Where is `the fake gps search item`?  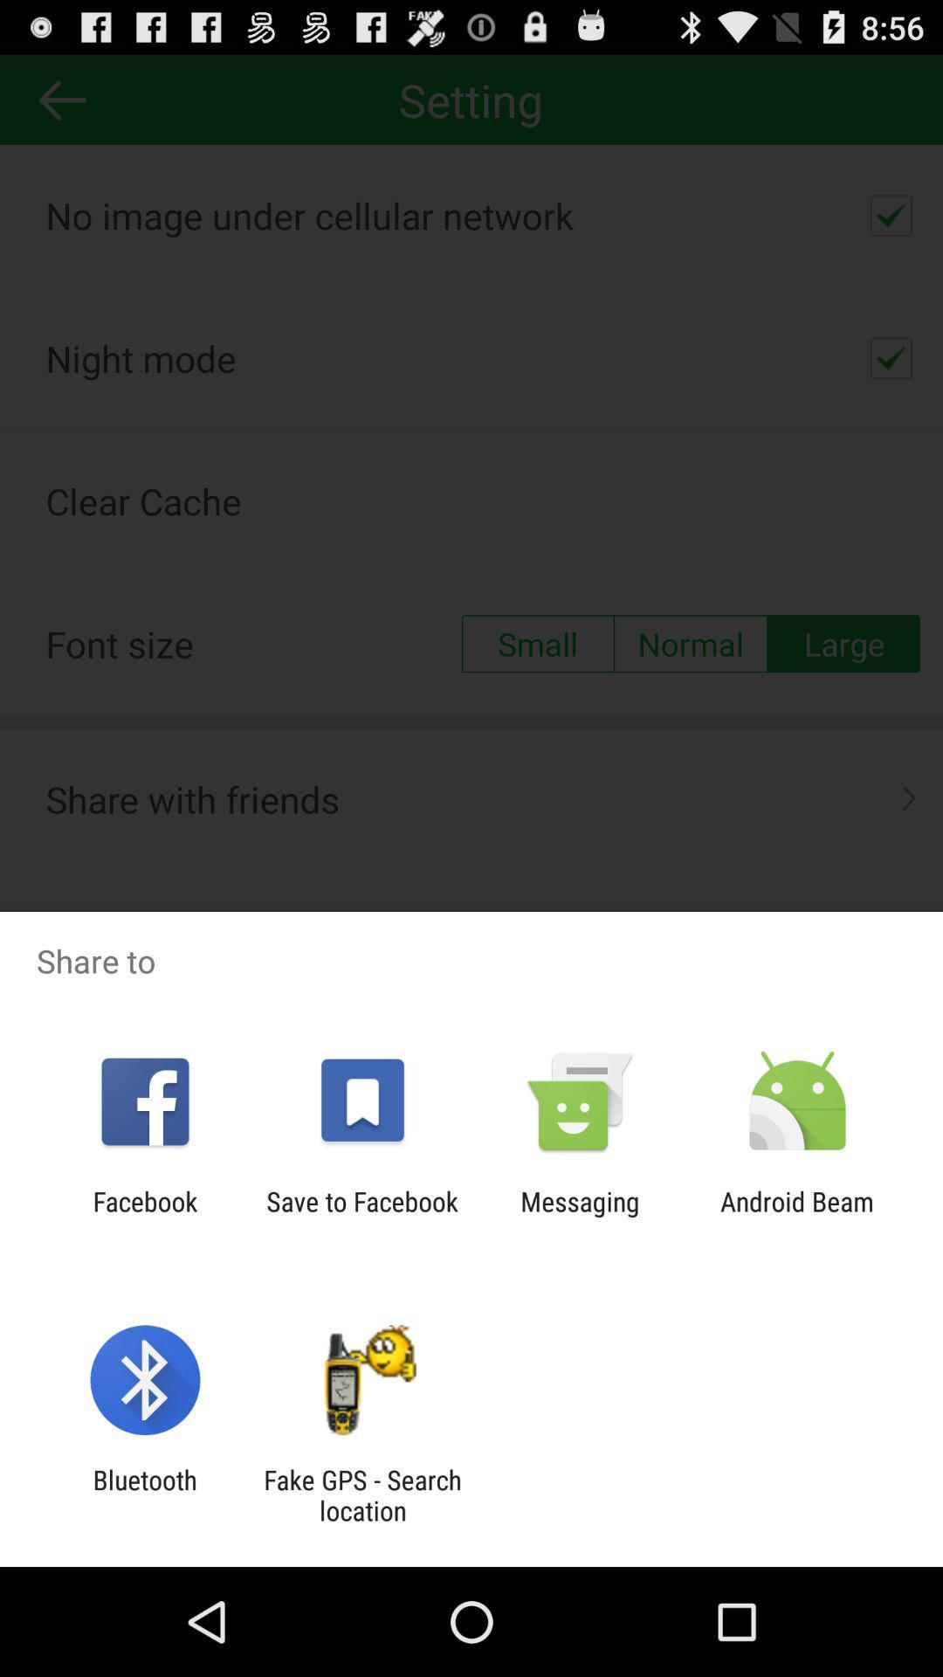
the fake gps search item is located at coordinates (361, 1494).